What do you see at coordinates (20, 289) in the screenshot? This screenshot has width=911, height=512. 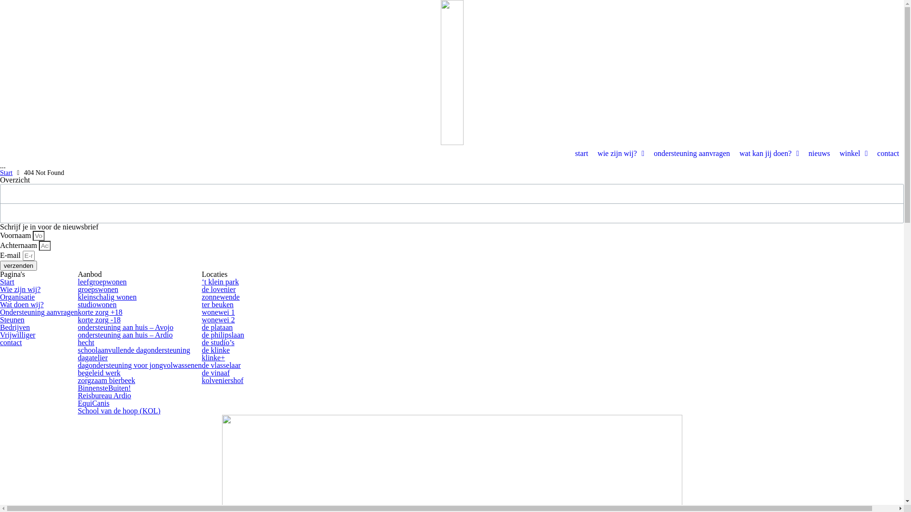 I see `'Wie zijn wij?'` at bounding box center [20, 289].